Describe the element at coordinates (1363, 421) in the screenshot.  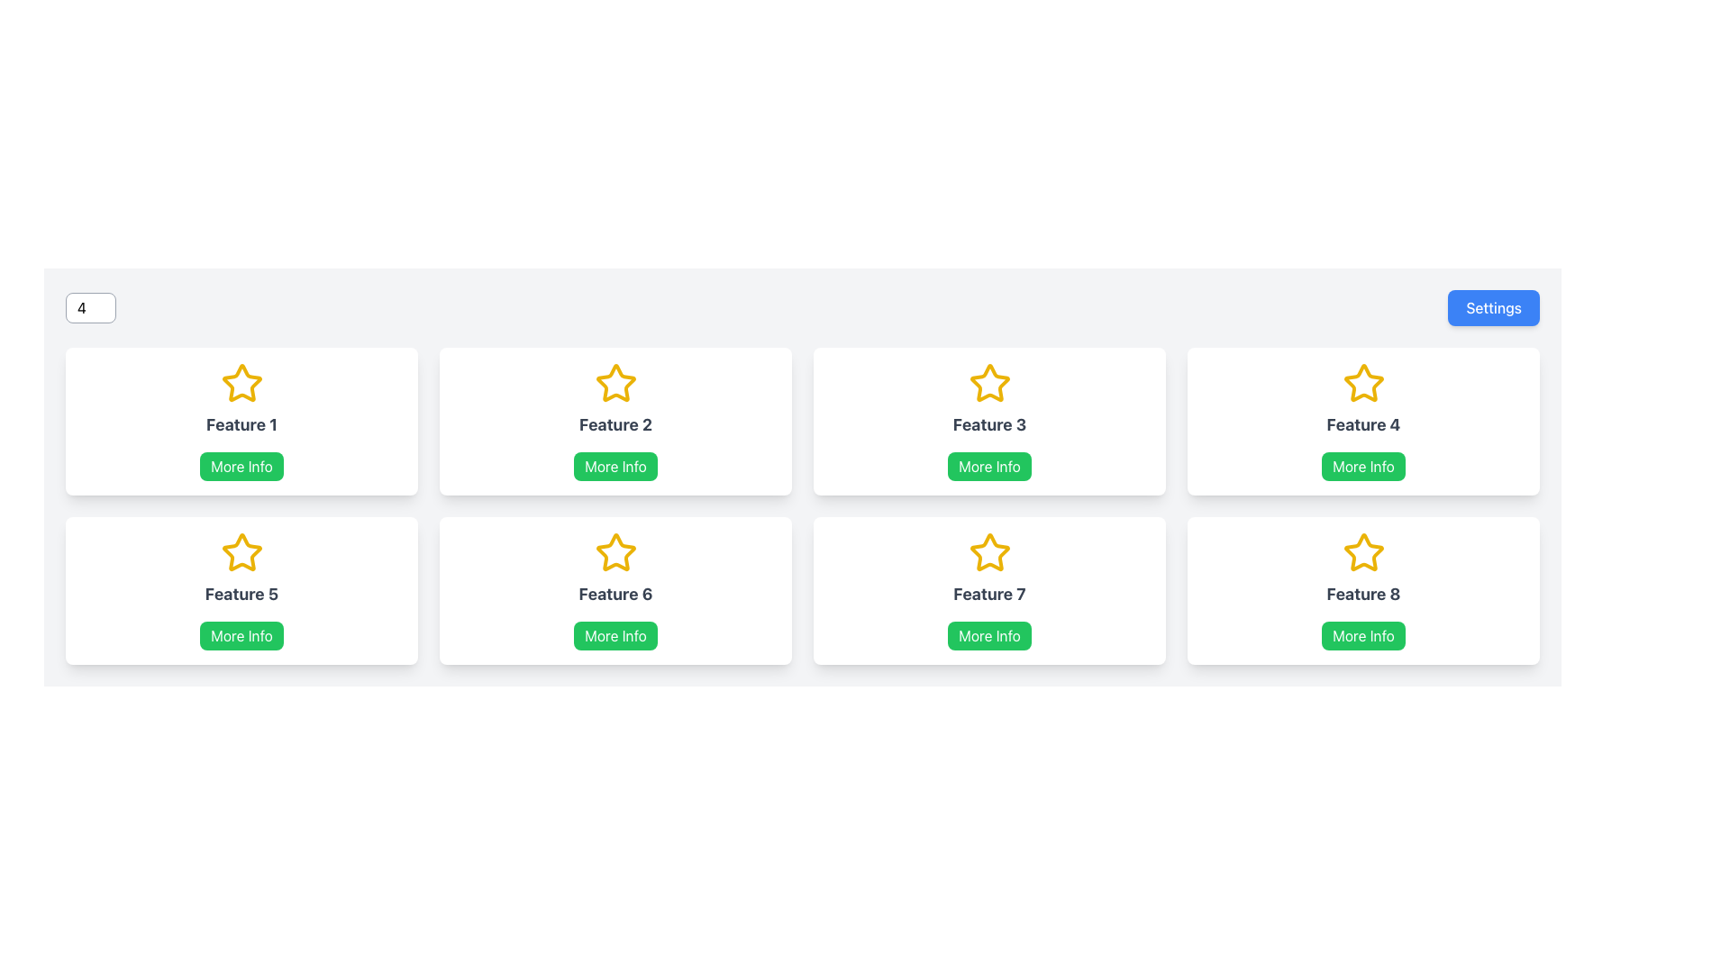
I see `the Card element representing 'Feature 4' located in the first row and fourth column of the grid` at that location.